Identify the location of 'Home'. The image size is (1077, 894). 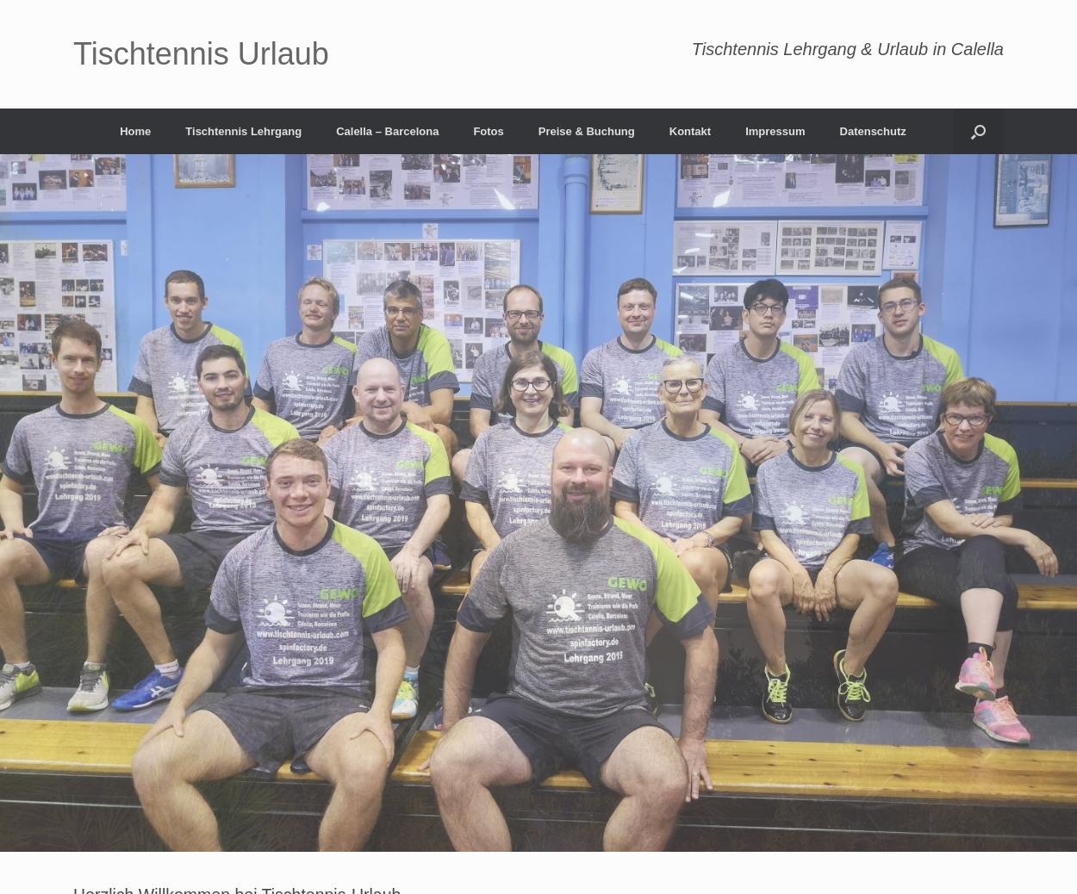
(135, 130).